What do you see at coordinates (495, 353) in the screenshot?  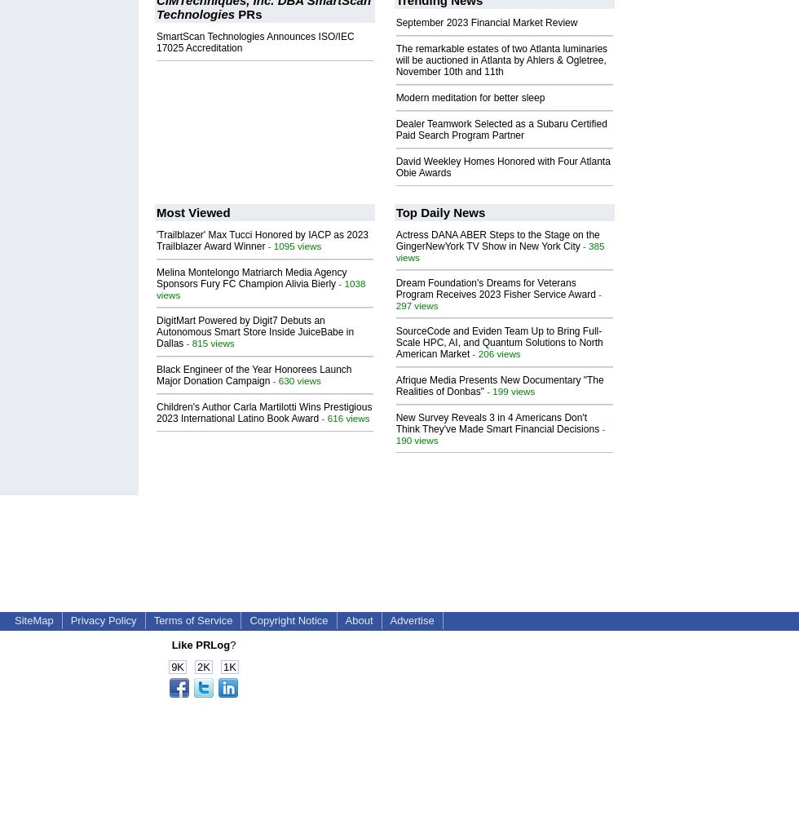 I see `'- 206 views'` at bounding box center [495, 353].